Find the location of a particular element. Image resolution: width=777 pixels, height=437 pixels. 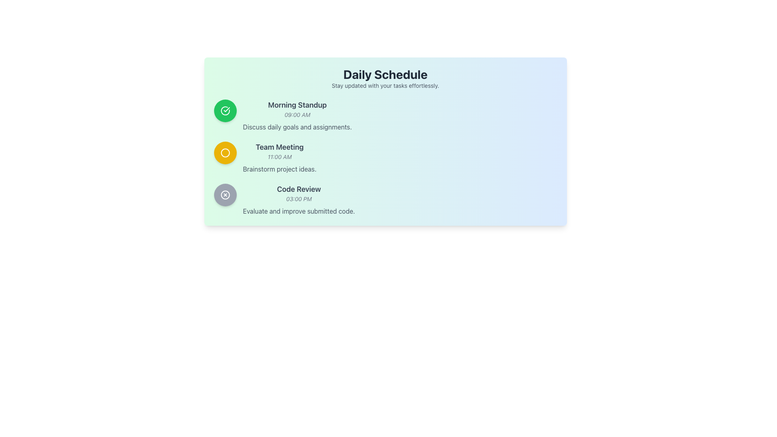

the checkmark icon indicating the completion of the 'Morning Standup' task, which is visually represented within the green circular icon preceding the text in the schedule card is located at coordinates (227, 109).